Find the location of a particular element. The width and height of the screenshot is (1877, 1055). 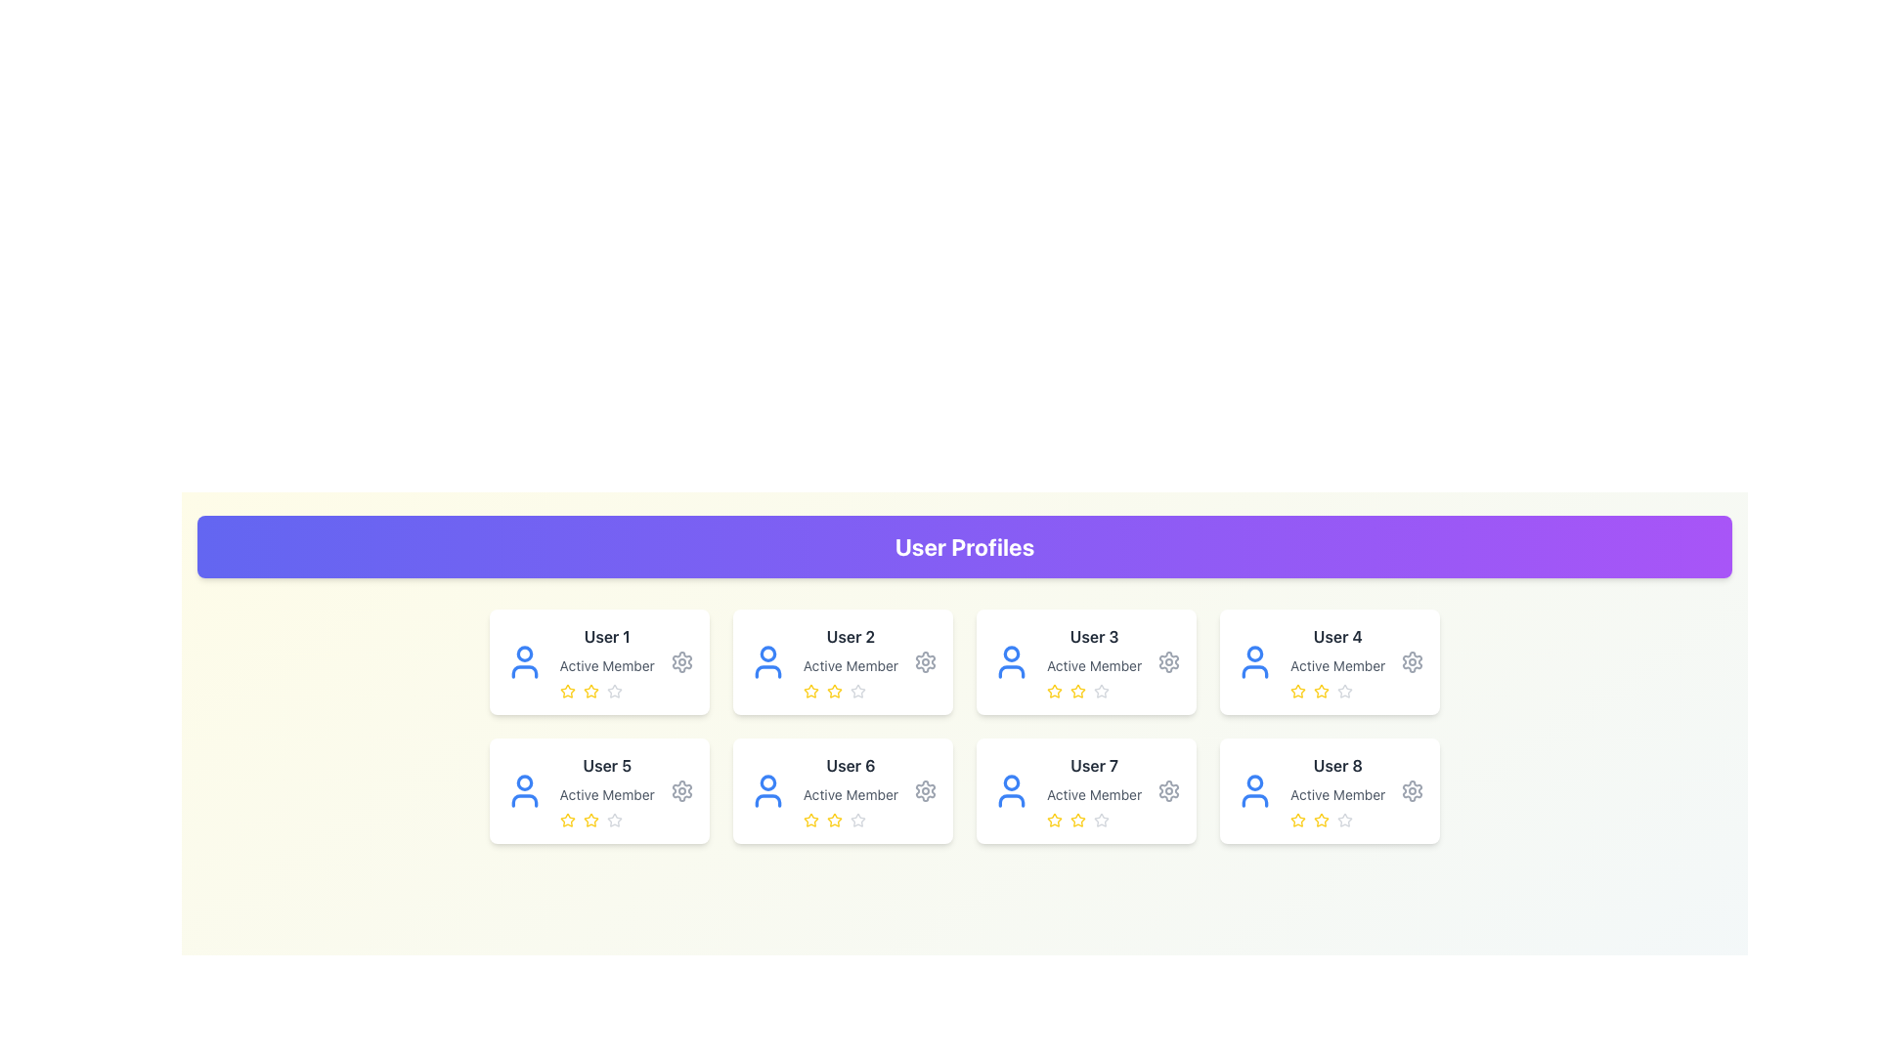

the username text label located at the top of the third card in the upper row of the user profile grid, which identifies the user is located at coordinates (1093, 636).